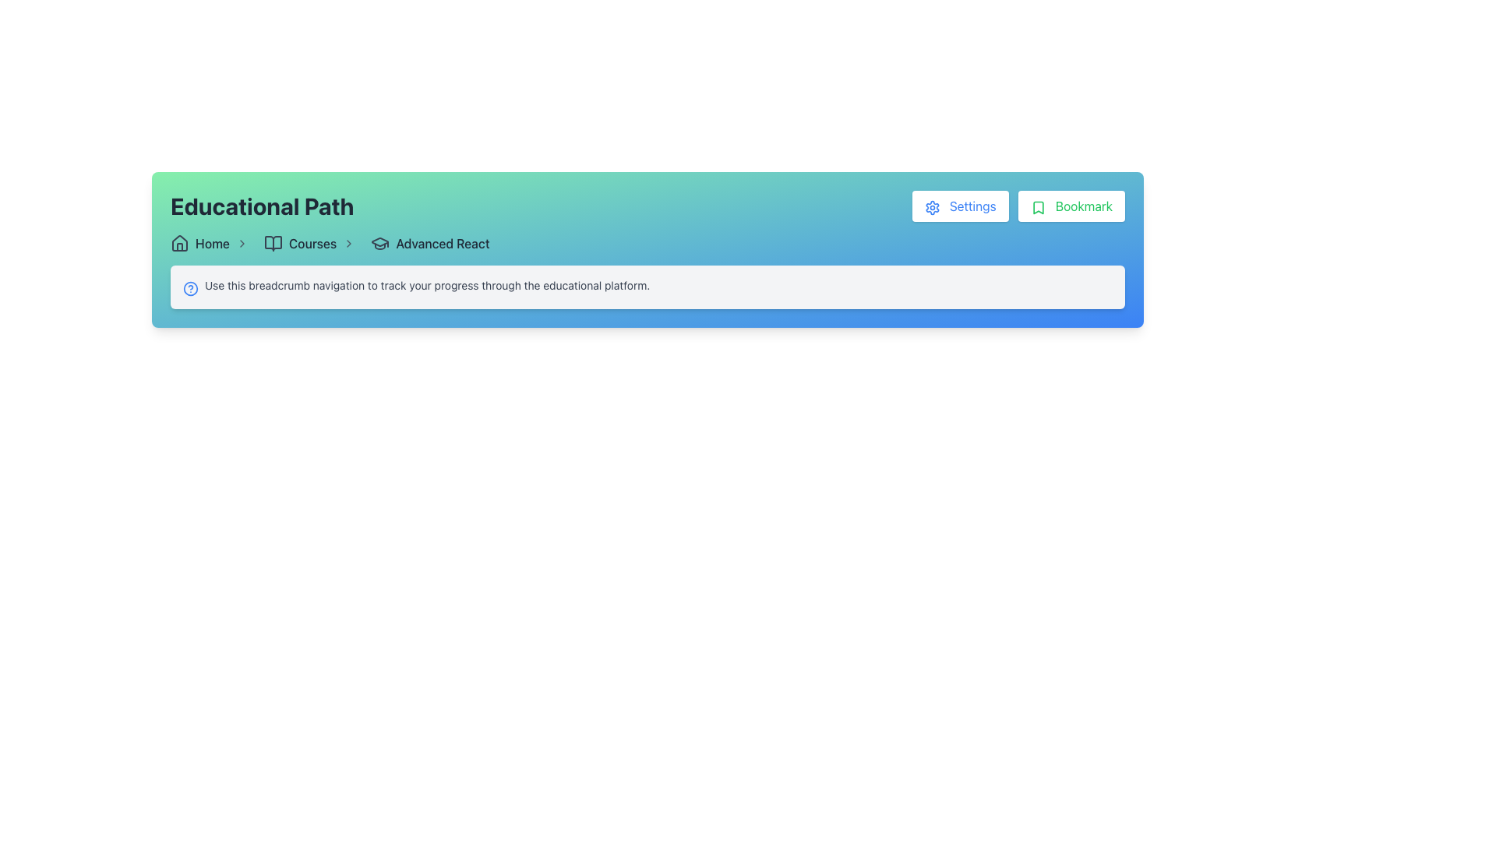  What do you see at coordinates (189, 288) in the screenshot?
I see `the informational icon located at the top-left corner of the text area starting with 'Use this breadcrumb navigation'` at bounding box center [189, 288].